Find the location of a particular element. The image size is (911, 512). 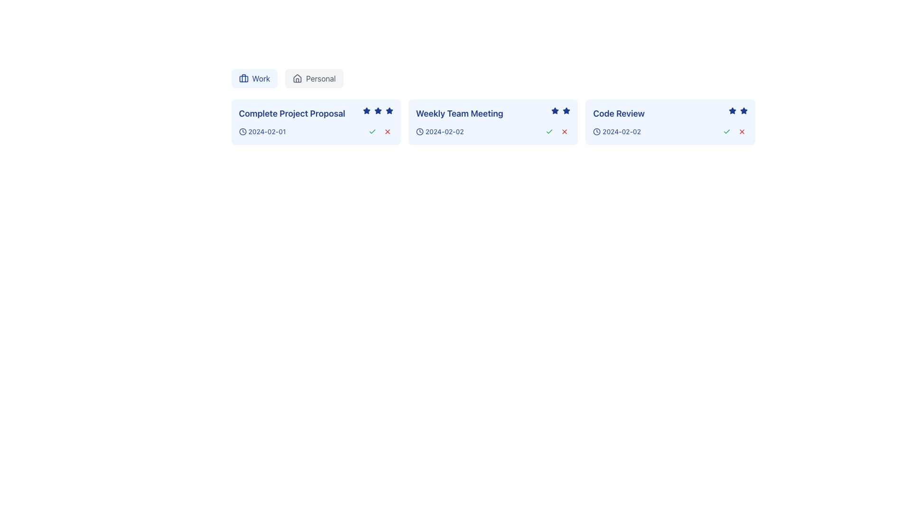

the static text element titled 'Complete Project Proposal' which is styled in bold blue font and is the leading heading of the first card is located at coordinates (316, 113).